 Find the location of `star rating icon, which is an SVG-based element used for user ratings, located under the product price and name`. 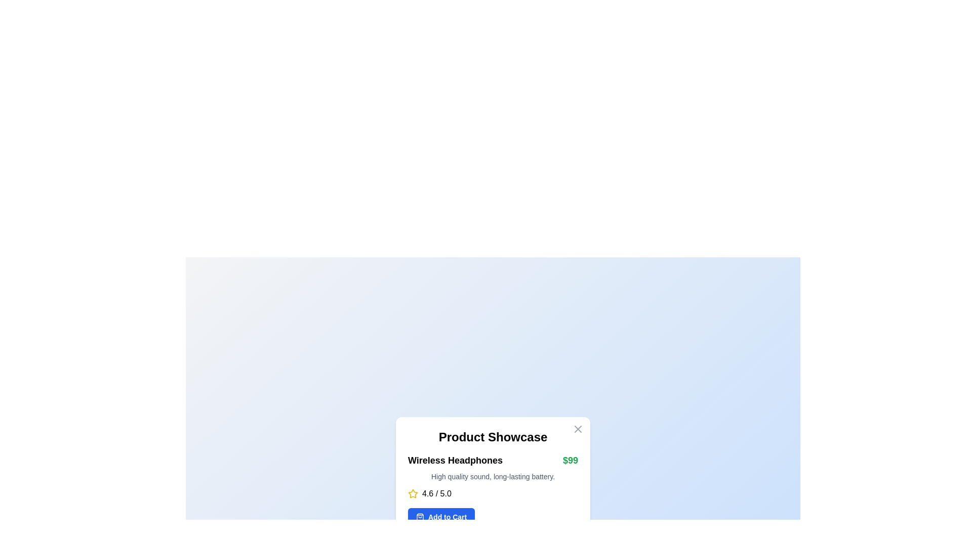

star rating icon, which is an SVG-based element used for user ratings, located under the product price and name is located at coordinates (413, 493).